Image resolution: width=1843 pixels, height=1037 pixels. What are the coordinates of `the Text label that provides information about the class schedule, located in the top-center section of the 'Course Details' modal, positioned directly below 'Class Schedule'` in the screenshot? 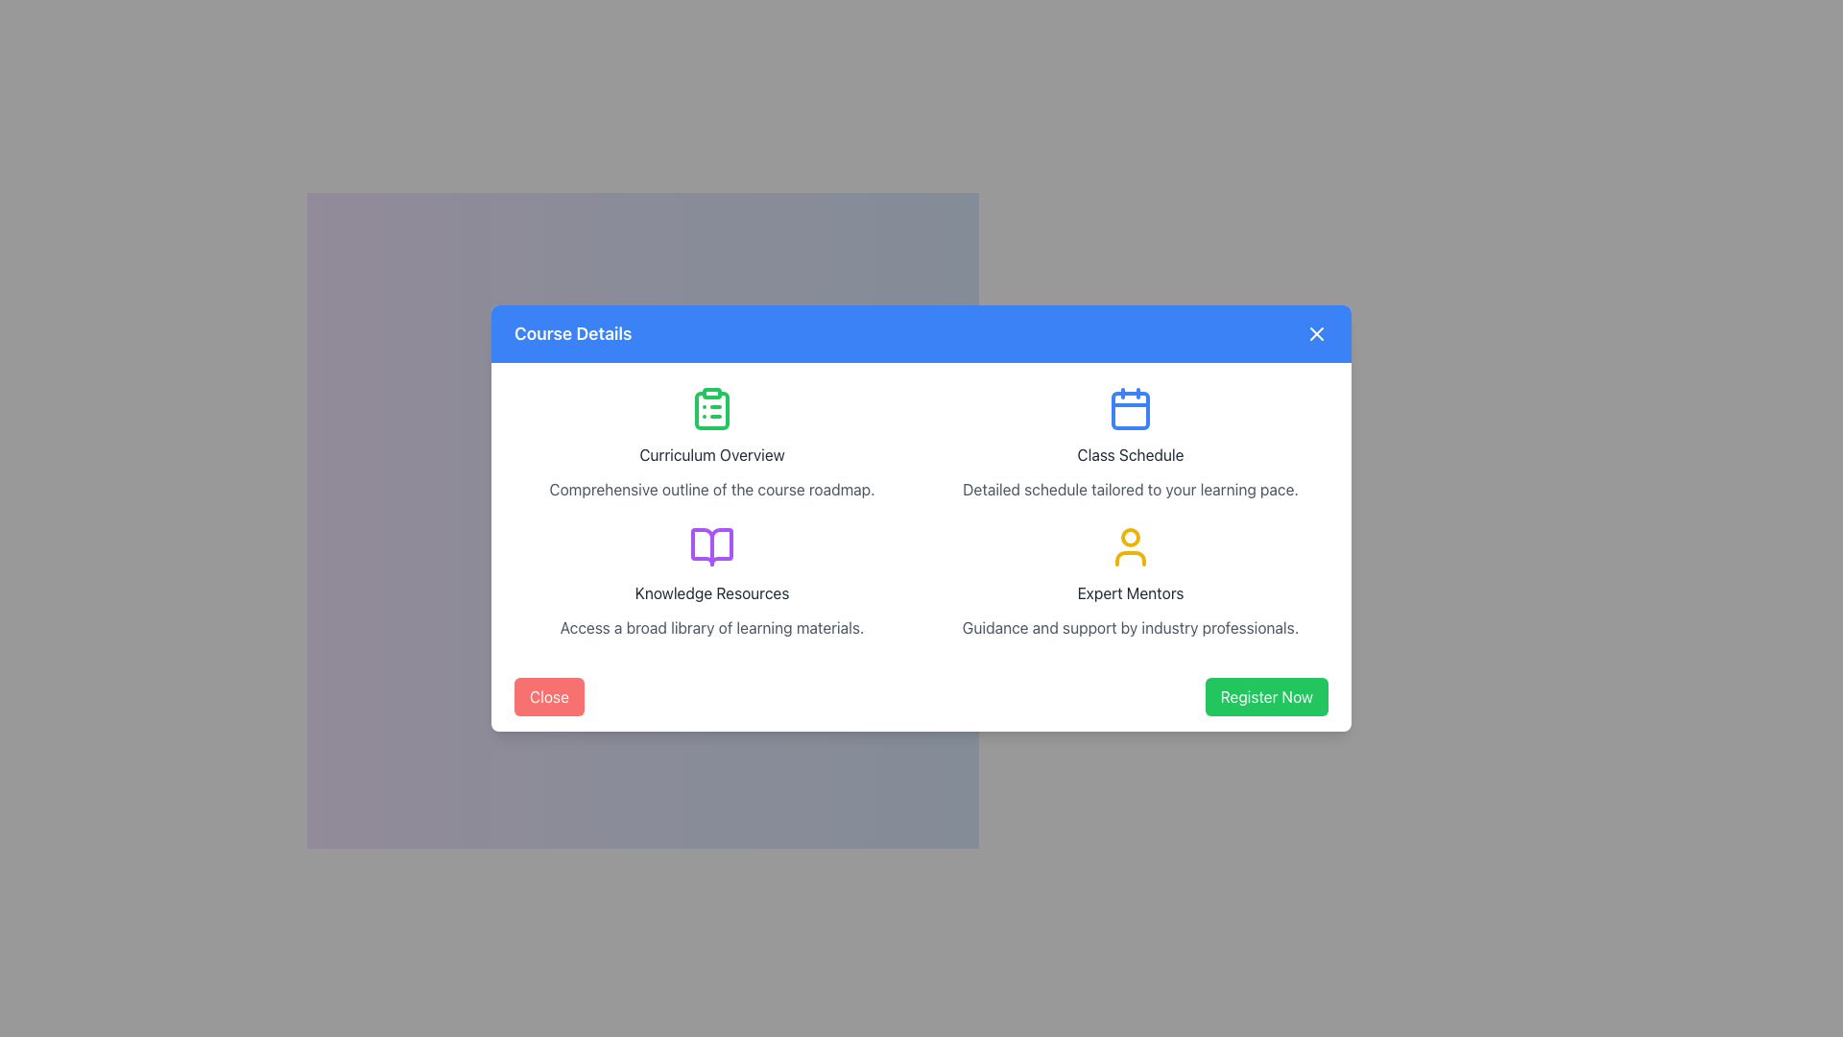 It's located at (1130, 488).